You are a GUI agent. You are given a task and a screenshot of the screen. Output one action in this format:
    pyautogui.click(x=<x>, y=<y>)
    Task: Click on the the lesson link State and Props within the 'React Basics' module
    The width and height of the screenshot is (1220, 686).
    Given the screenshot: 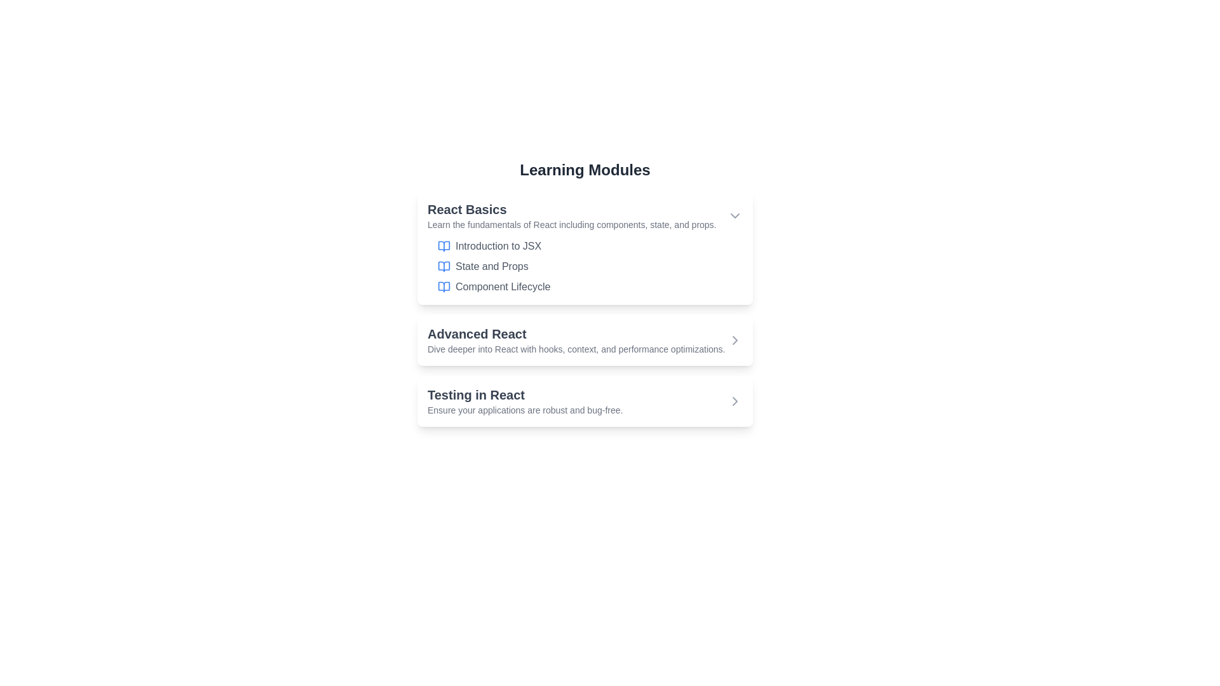 What is the action you would take?
    pyautogui.click(x=491, y=266)
    